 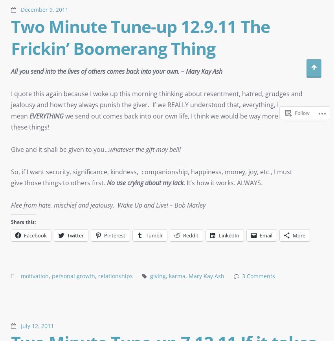 What do you see at coordinates (206, 276) in the screenshot?
I see `'Mary Kay Ash'` at bounding box center [206, 276].